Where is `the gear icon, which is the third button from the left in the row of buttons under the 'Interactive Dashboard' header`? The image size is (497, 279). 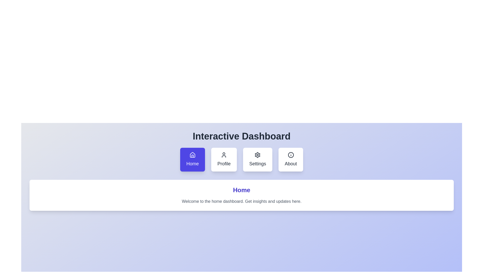
the gear icon, which is the third button from the left in the row of buttons under the 'Interactive Dashboard' header is located at coordinates (258, 155).